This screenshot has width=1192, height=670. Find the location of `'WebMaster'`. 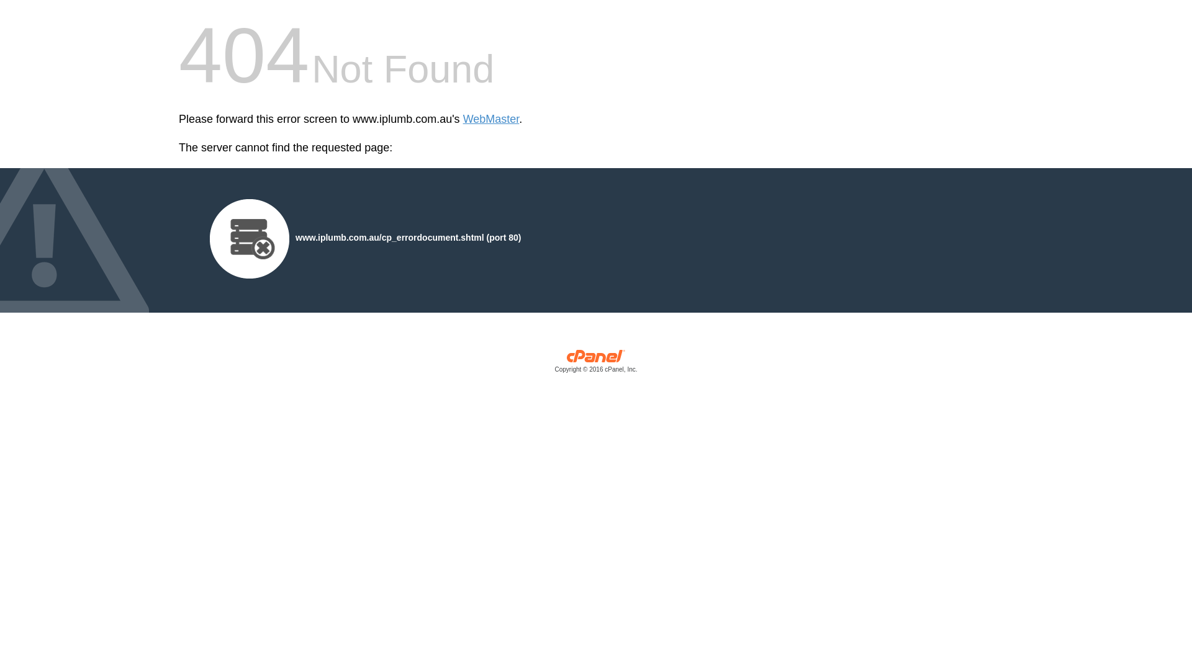

'WebMaster' is located at coordinates (462, 119).